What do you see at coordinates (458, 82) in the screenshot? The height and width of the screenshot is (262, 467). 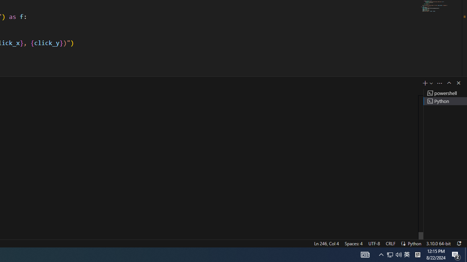 I see `'Hide Panel'` at bounding box center [458, 82].